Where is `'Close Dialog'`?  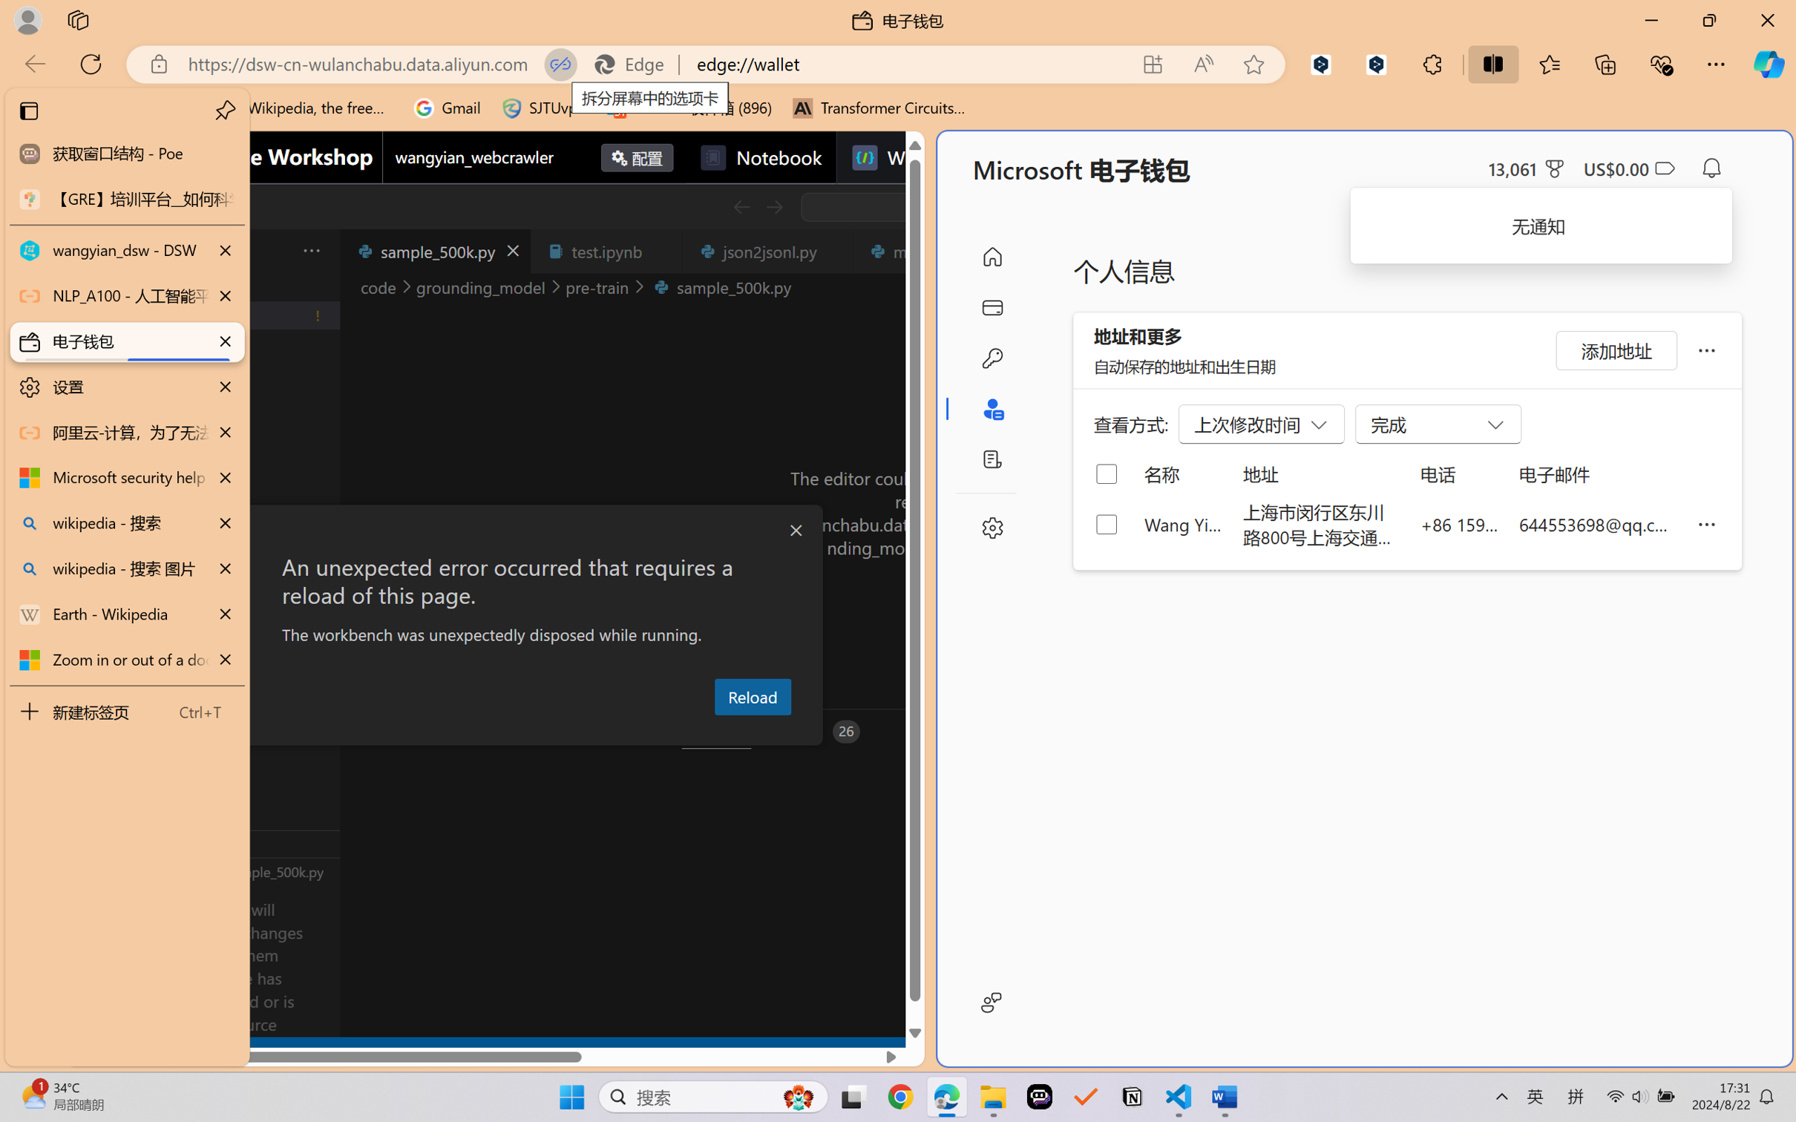 'Close Dialog' is located at coordinates (796, 531).